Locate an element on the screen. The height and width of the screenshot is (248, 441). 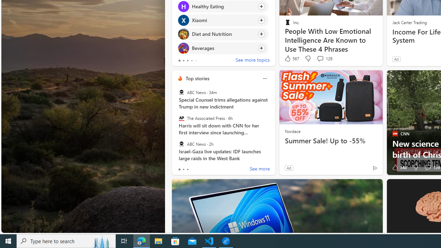
'ABC News' is located at coordinates (181, 143).